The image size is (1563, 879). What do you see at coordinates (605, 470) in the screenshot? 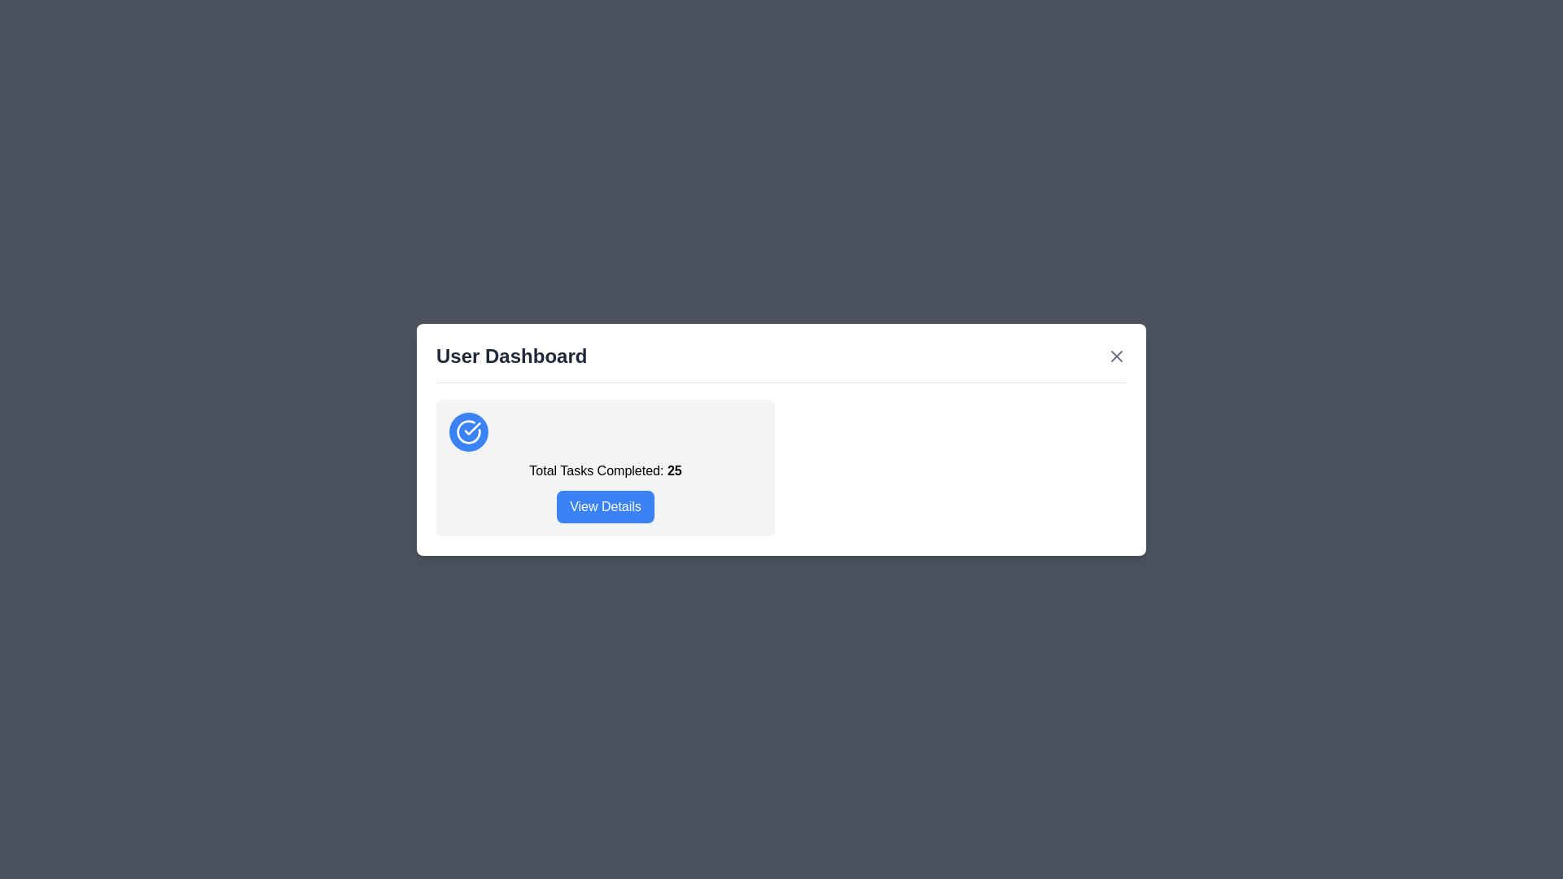
I see `the informational text label that indicates the total number of tasks completed, which is located below a circular icon with a blue background and above a blue button labeled 'View Details'` at bounding box center [605, 470].